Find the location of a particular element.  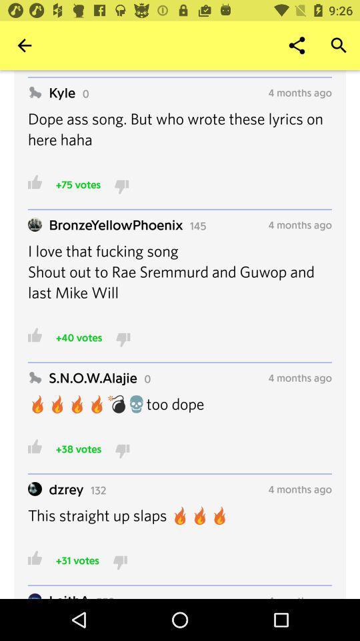

+31 votes item is located at coordinates (77, 560).